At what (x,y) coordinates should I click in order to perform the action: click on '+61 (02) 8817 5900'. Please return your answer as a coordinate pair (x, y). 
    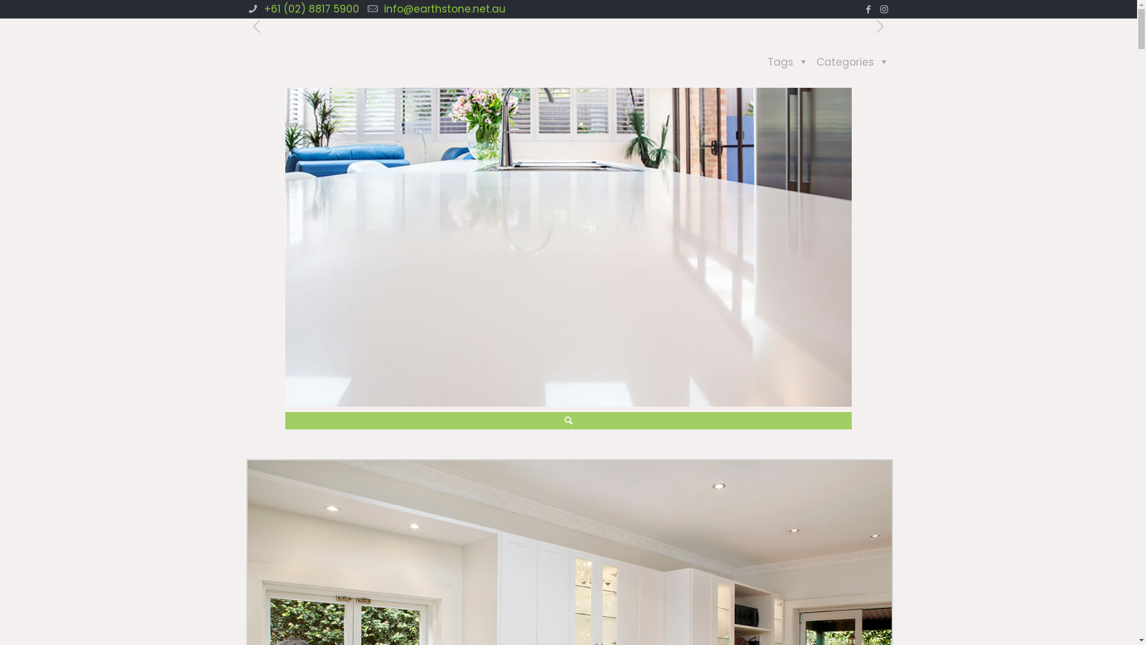
    Looking at the image, I should click on (310, 9).